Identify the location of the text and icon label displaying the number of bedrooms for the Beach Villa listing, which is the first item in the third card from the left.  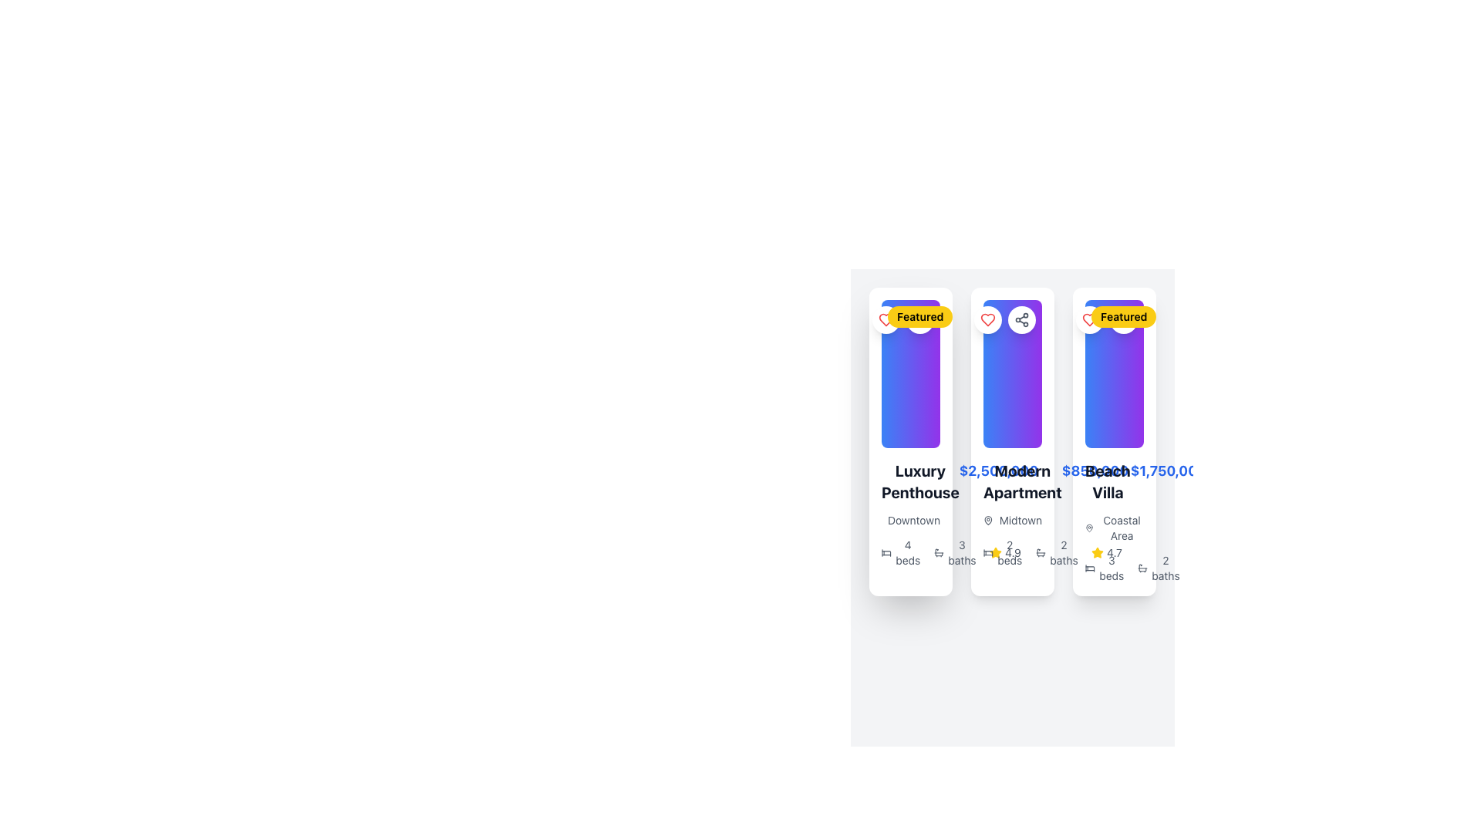
(1104, 568).